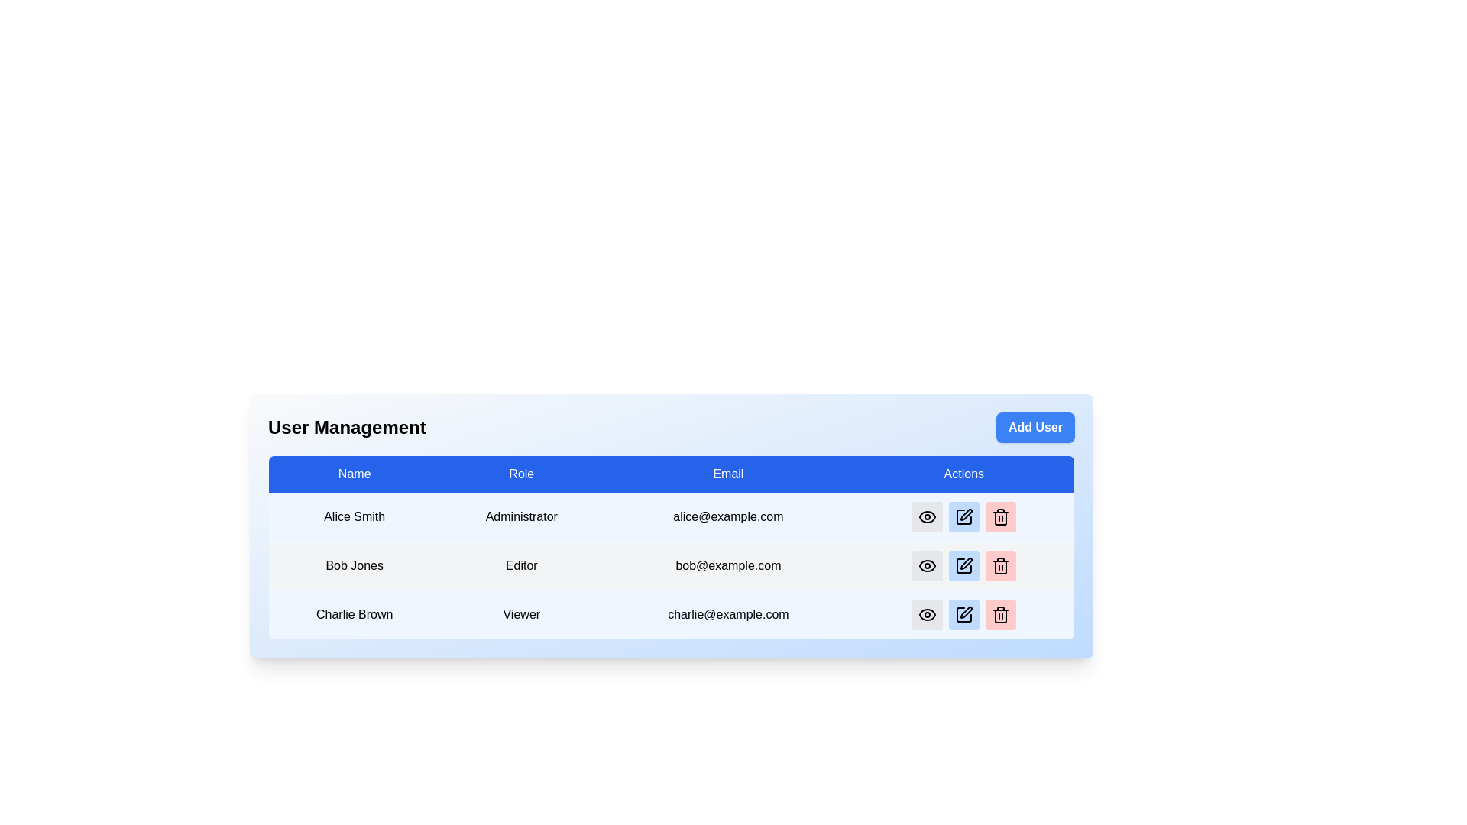  What do you see at coordinates (353, 565) in the screenshot?
I see `the static text element displaying the name 'Bob Jones' in the second row of the user management table, located in the 'Name' column` at bounding box center [353, 565].